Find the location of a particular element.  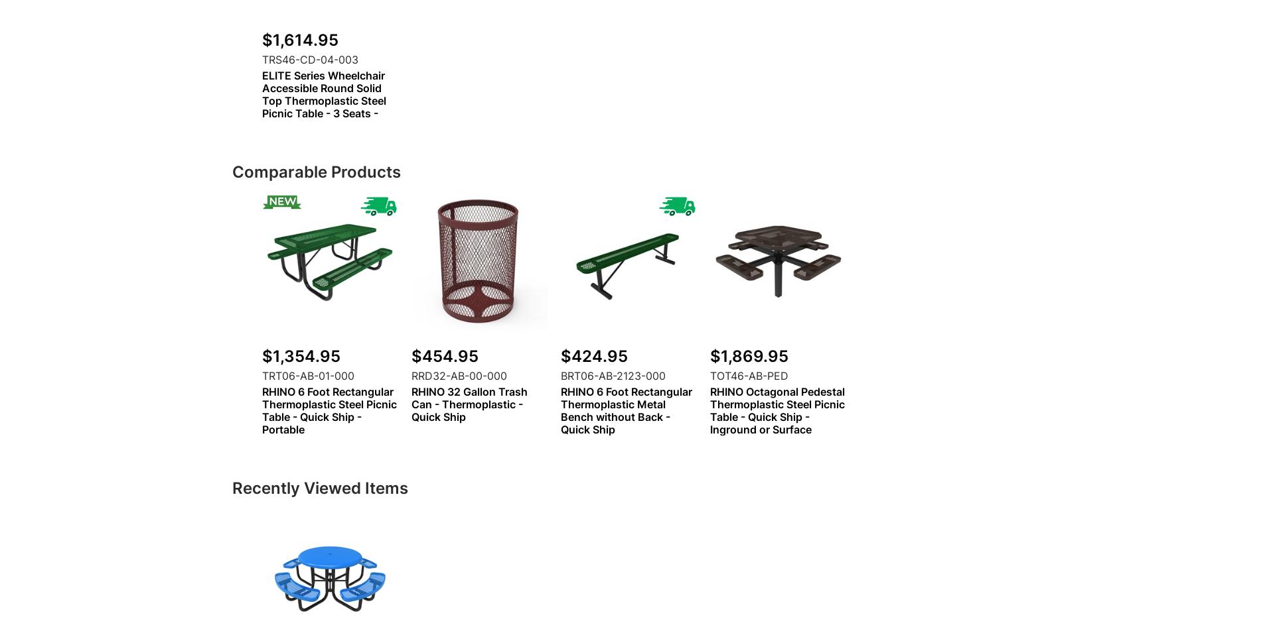

'RHINO Octagonal Pedestal Thermoplastic Steel Picnic Table - Quick Ship - Inground or Surface Mount' is located at coordinates (777, 416).